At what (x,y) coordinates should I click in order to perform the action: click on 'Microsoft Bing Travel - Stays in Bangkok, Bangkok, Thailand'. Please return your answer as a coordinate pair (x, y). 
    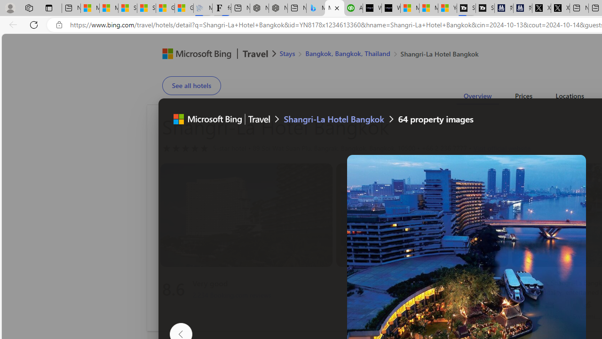
    Looking at the image, I should click on (316, 8).